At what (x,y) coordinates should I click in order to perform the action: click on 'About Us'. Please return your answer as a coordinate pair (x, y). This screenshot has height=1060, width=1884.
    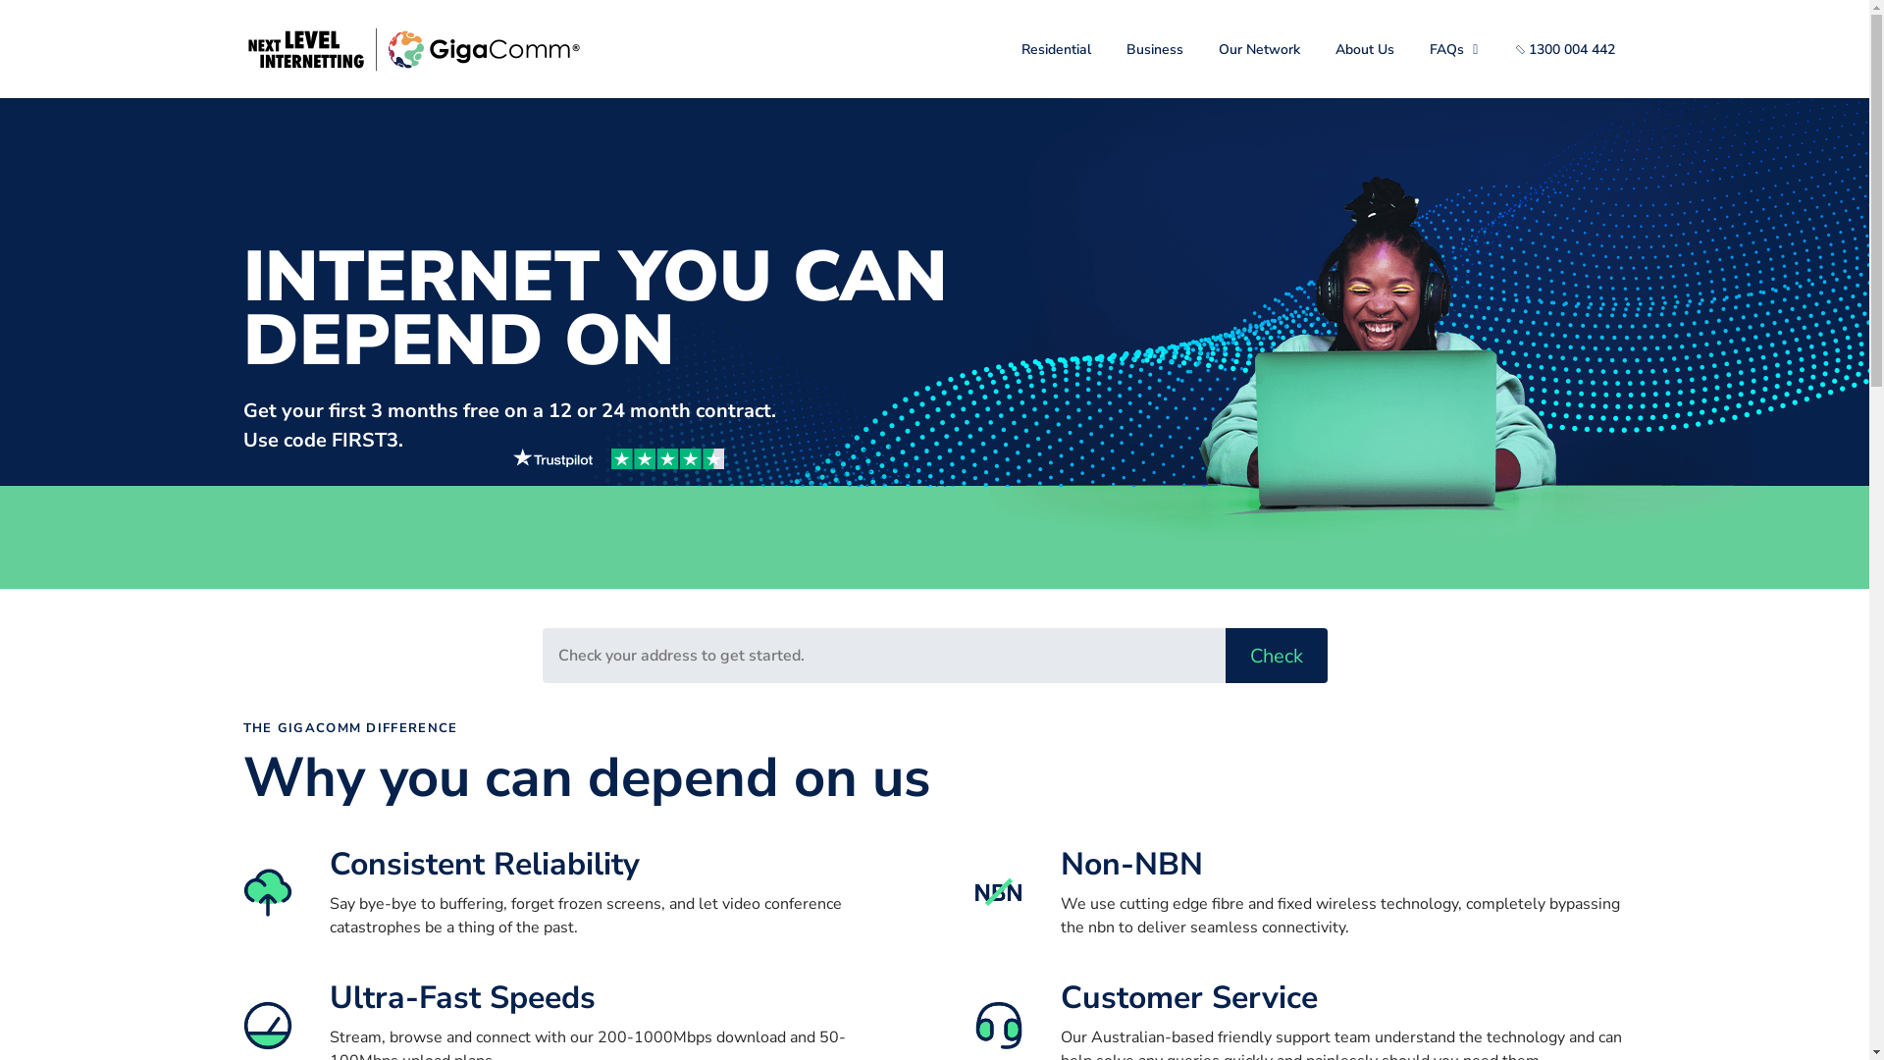
    Looking at the image, I should click on (1364, 47).